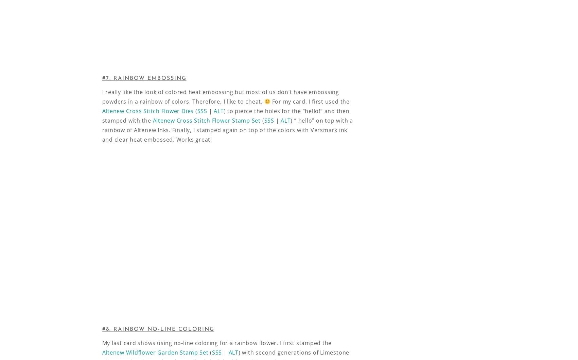  What do you see at coordinates (144, 78) in the screenshot?
I see `'#7: RAINBOW EMBOSSING'` at bounding box center [144, 78].